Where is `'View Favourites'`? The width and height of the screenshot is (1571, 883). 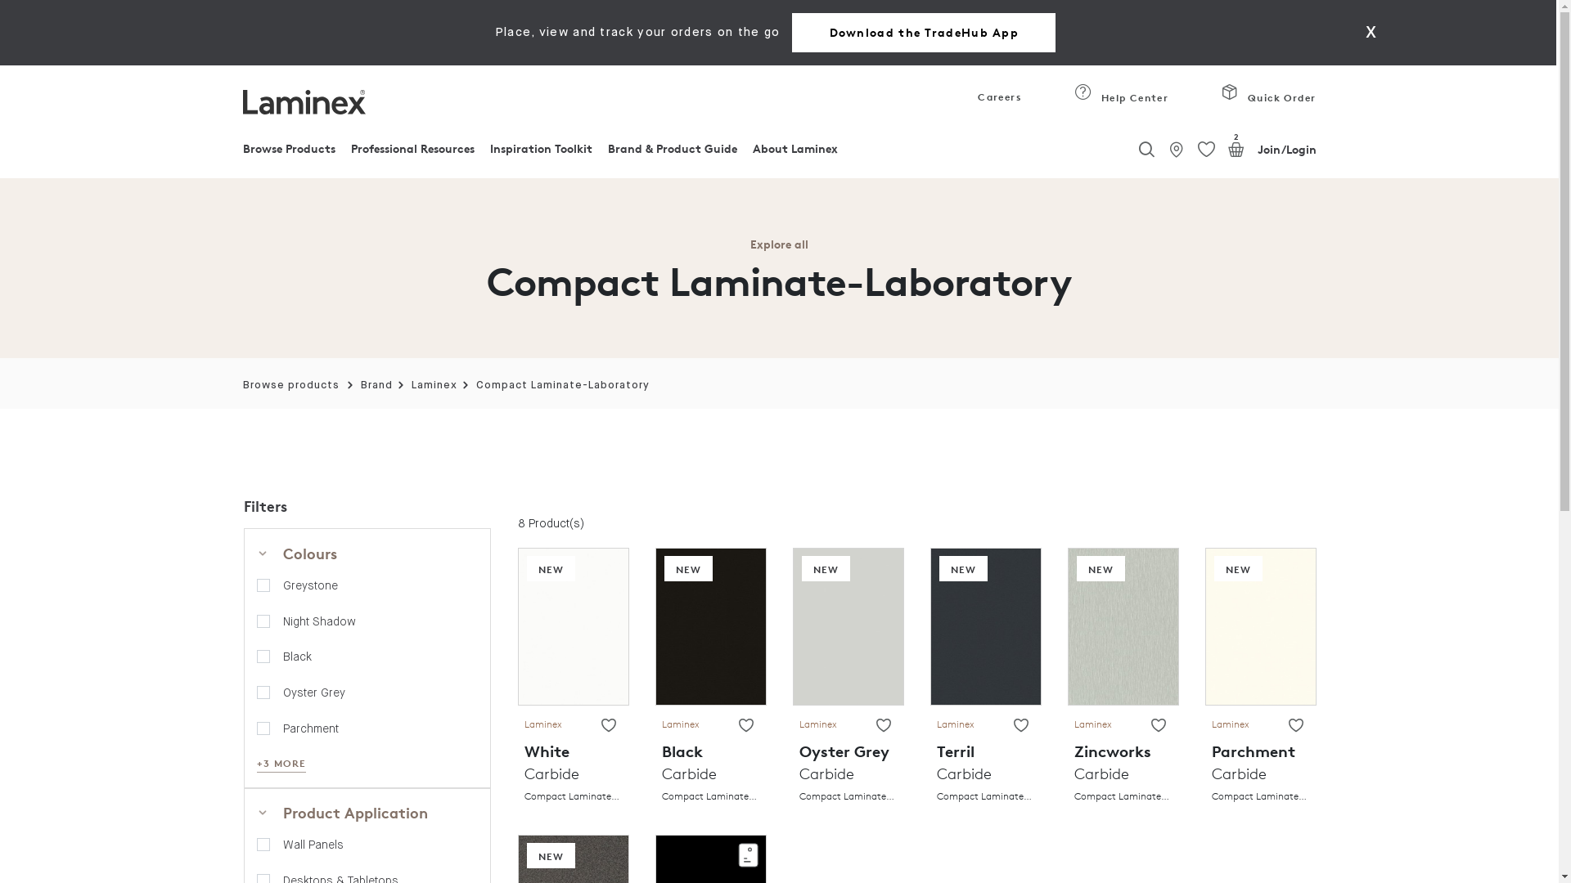
'View Favourites' is located at coordinates (1198, 150).